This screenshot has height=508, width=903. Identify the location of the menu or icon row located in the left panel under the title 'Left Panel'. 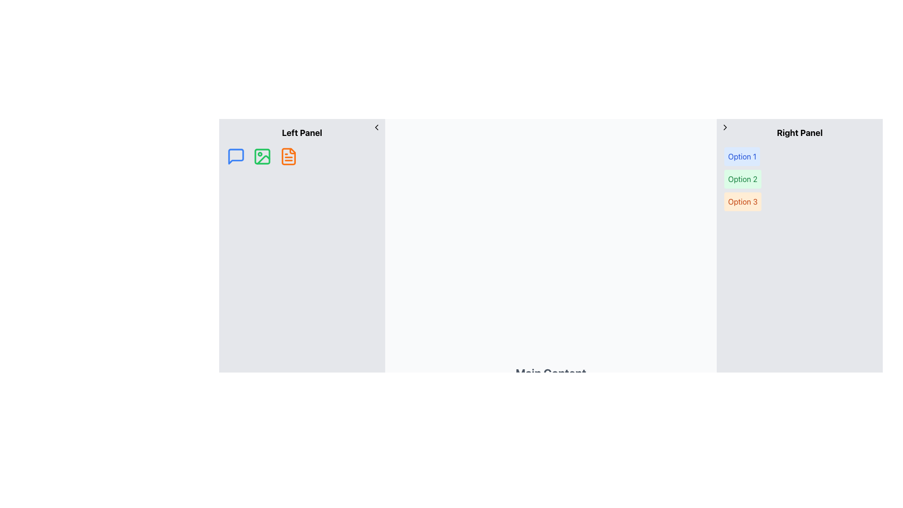
(302, 156).